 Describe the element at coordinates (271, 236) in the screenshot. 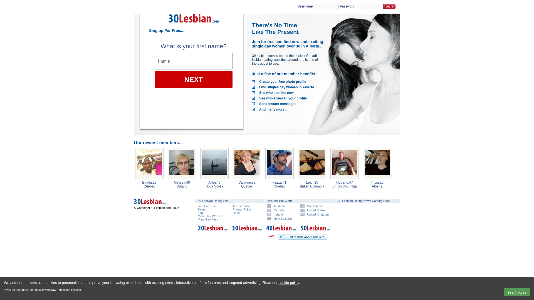

I see `'Tweet'` at that location.